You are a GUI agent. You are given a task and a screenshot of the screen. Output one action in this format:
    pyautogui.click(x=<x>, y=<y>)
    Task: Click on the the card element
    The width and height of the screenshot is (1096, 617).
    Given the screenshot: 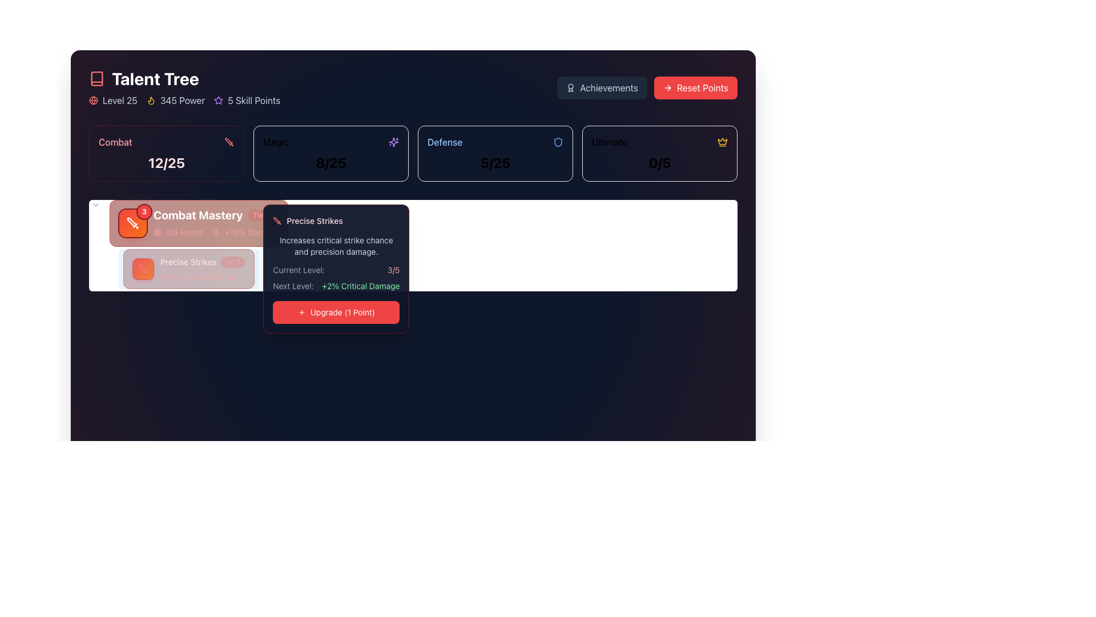 What is the action you would take?
    pyautogui.click(x=567, y=162)
    